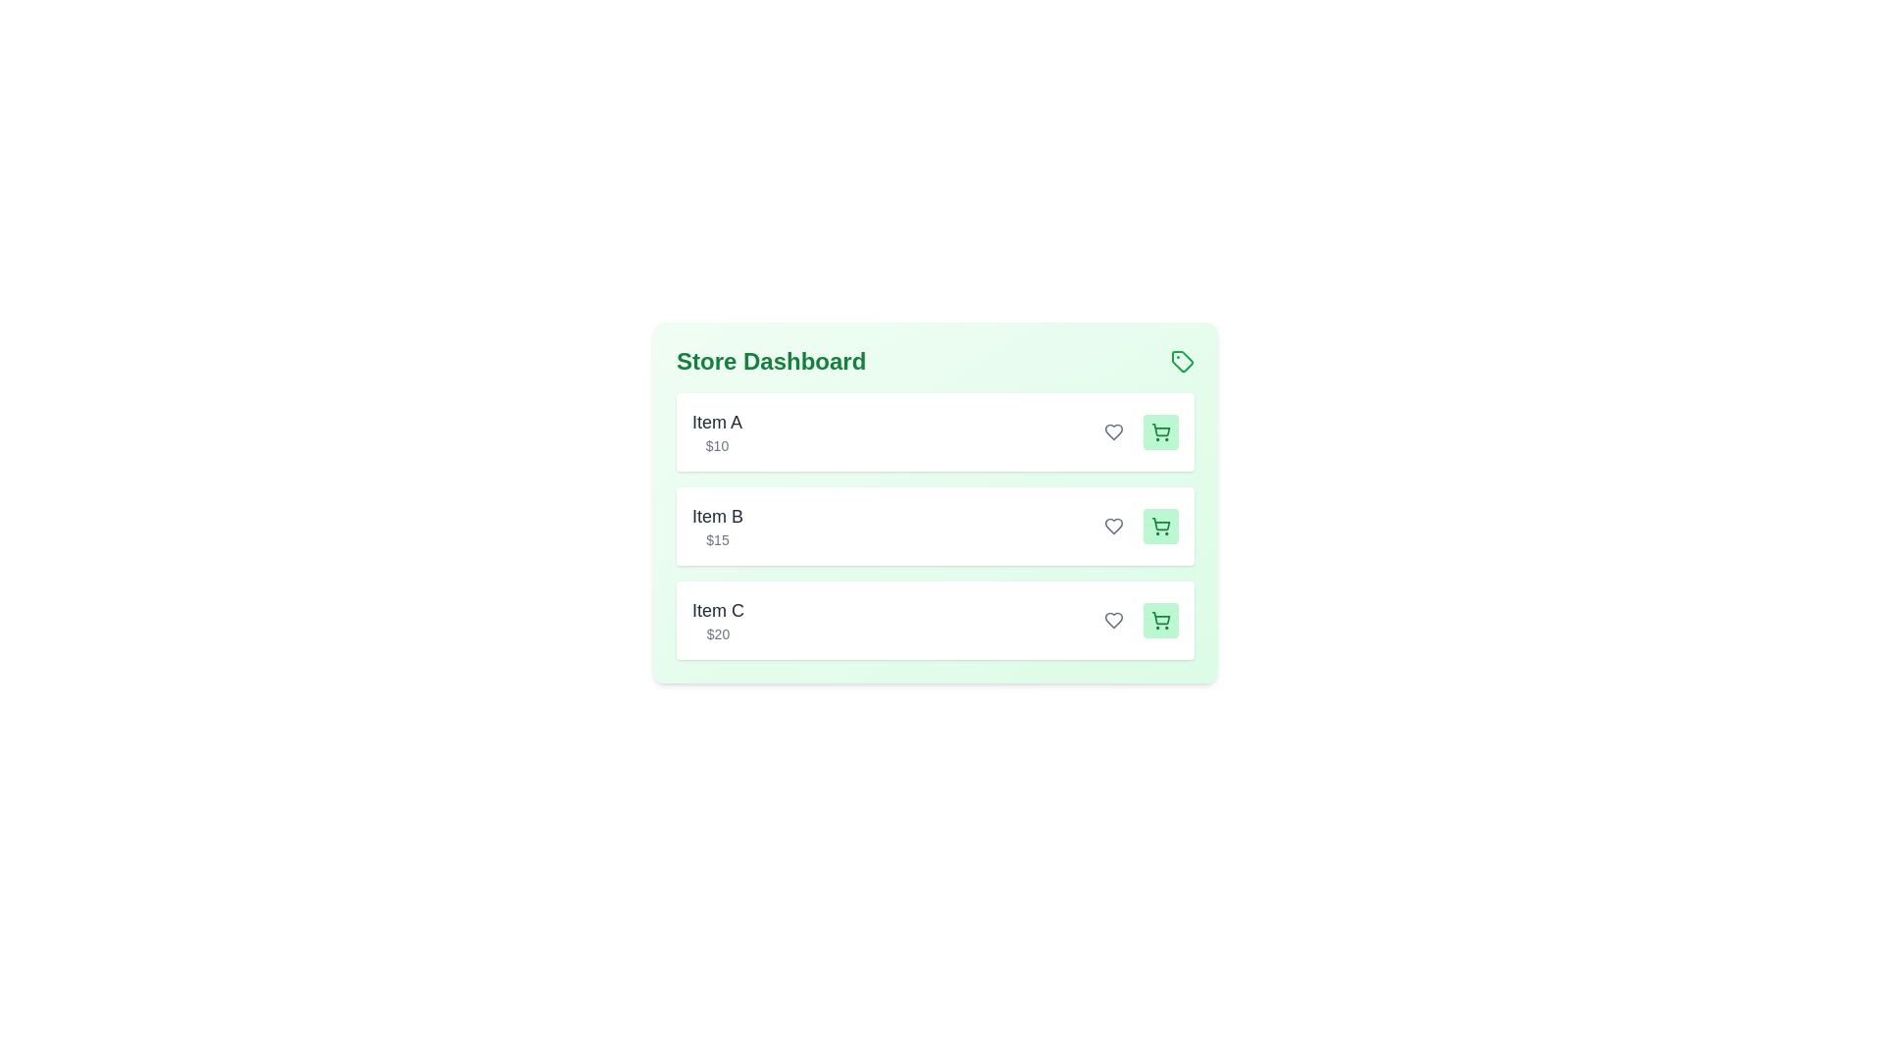  Describe the element at coordinates (1161, 430) in the screenshot. I see `the shopping cart icon with a green outline at the right end of the row for 'Item A'` at that location.